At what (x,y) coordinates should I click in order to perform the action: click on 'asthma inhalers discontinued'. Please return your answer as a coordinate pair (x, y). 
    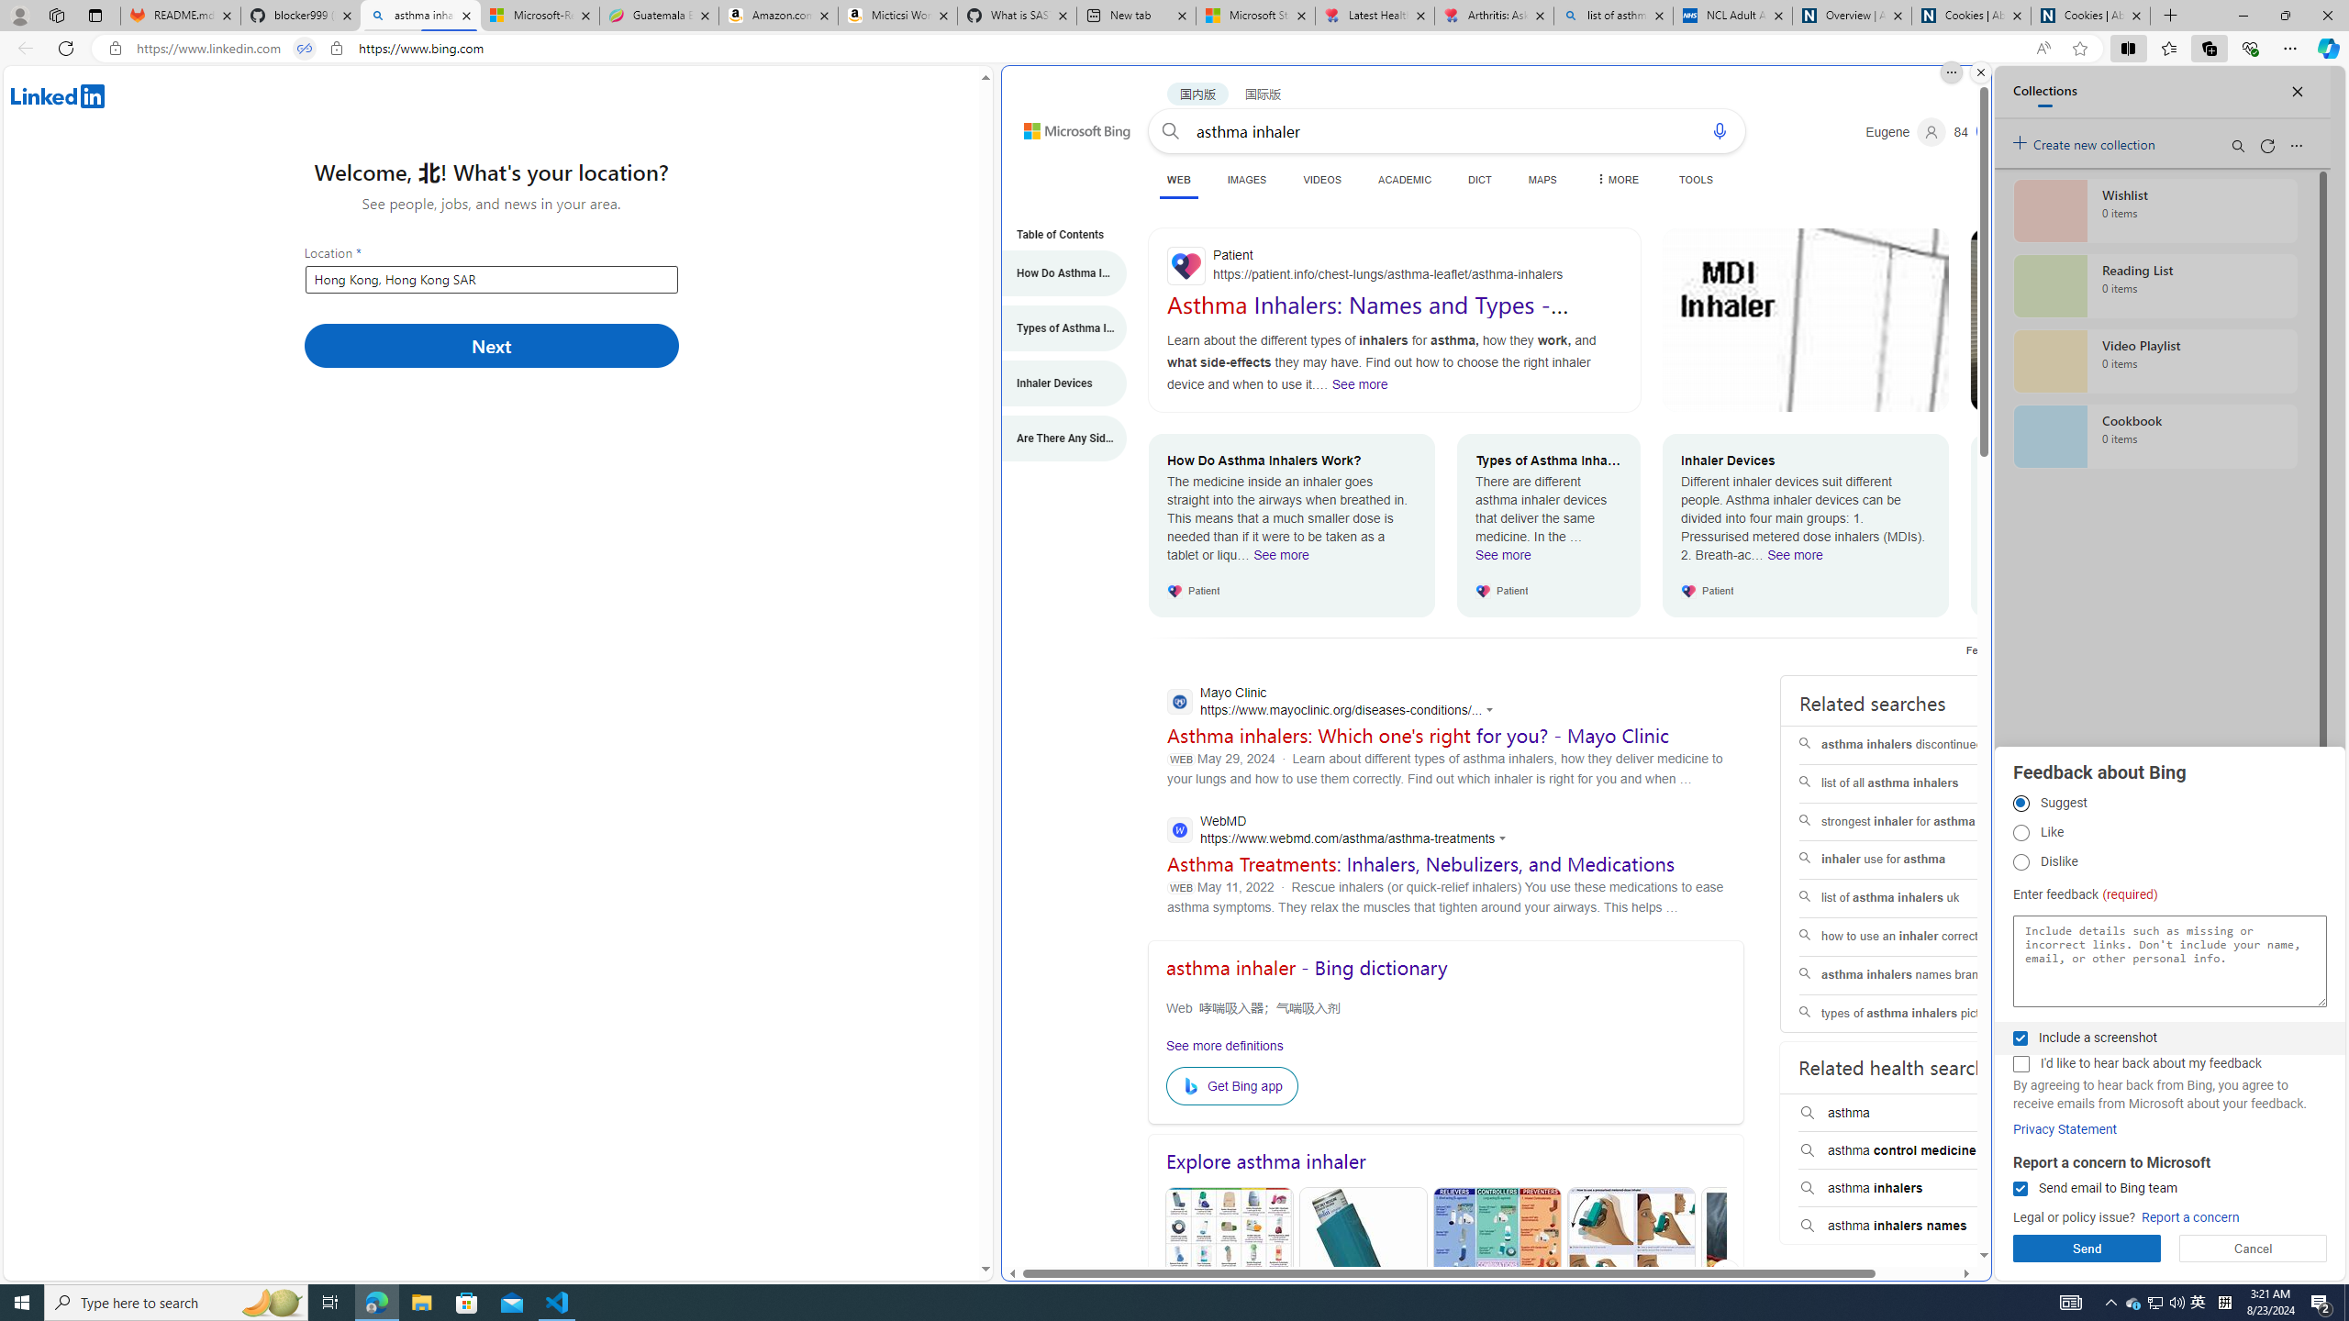
    Looking at the image, I should click on (1915, 744).